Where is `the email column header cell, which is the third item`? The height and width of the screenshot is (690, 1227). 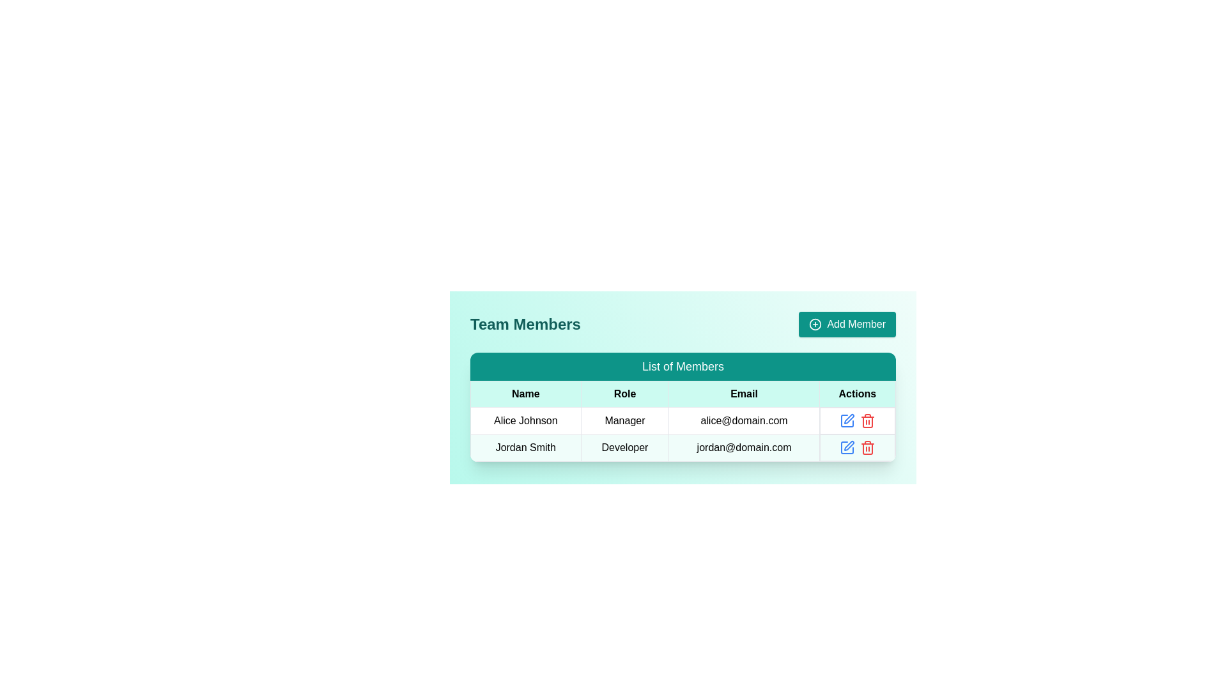
the email column header cell, which is the third item is located at coordinates (744, 394).